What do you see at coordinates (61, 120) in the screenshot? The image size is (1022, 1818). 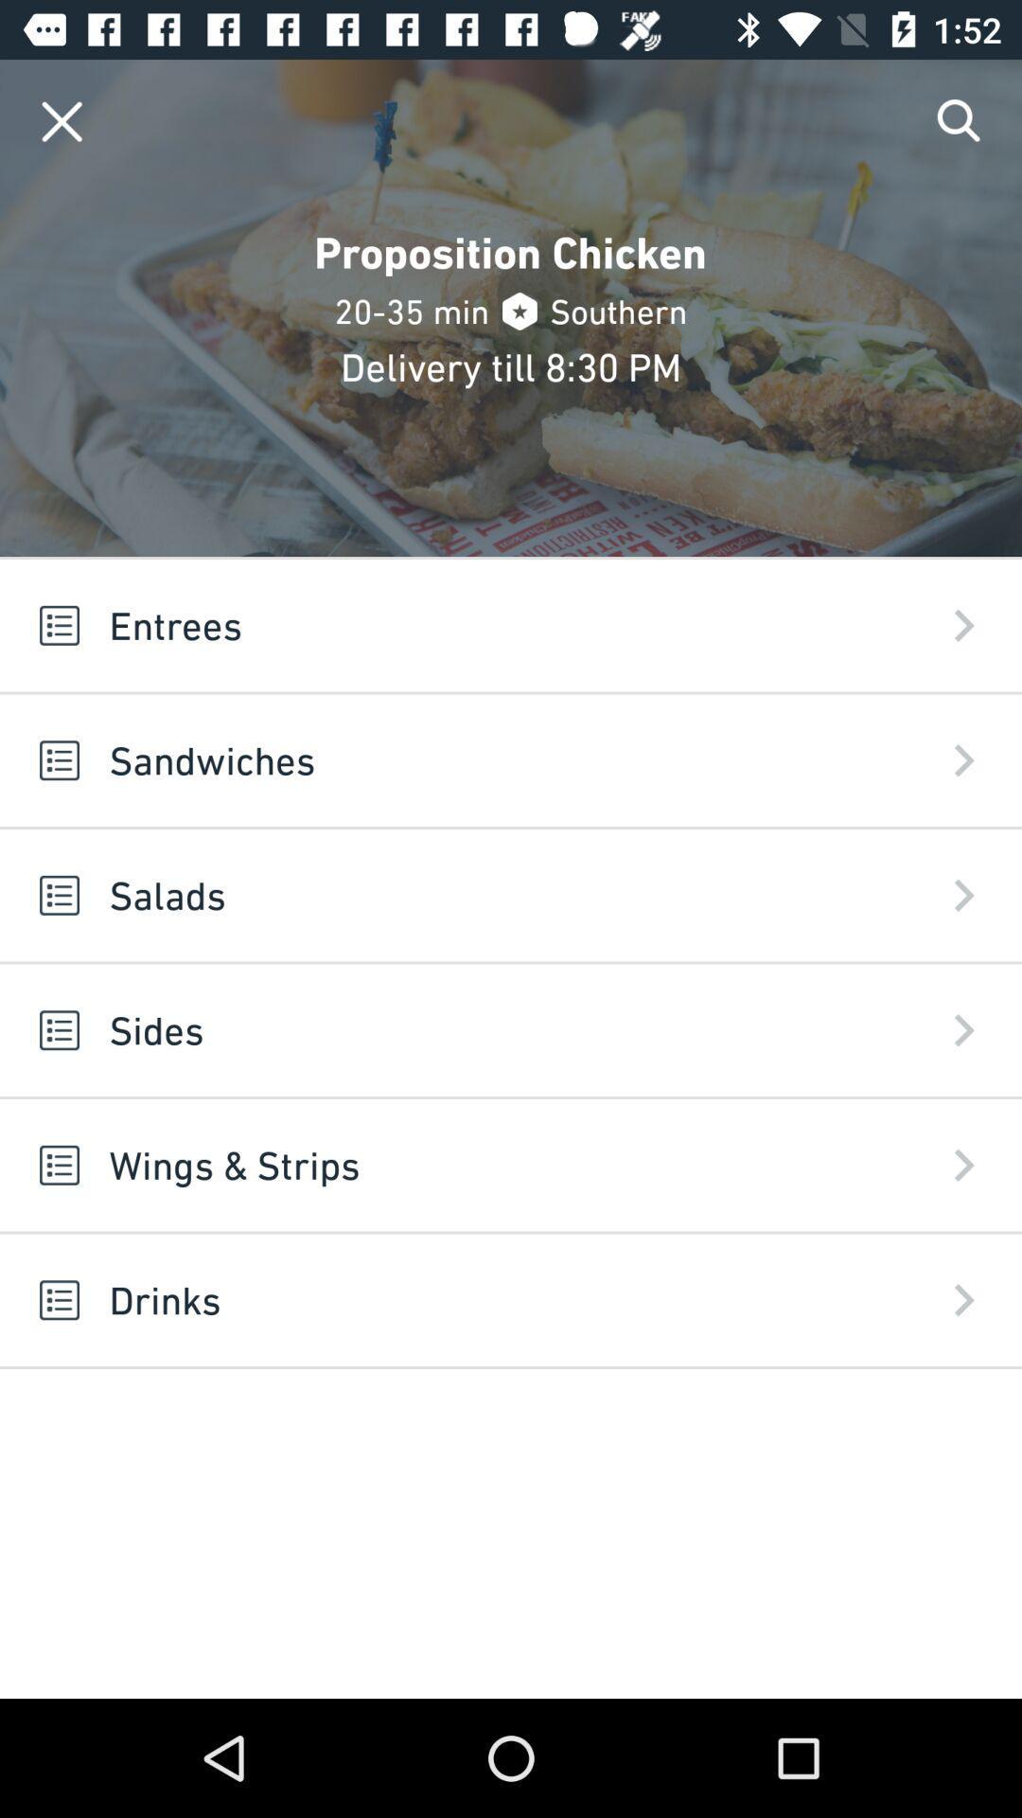 I see `close` at bounding box center [61, 120].